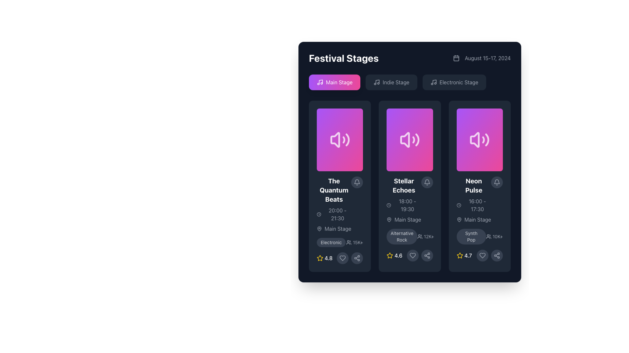 This screenshot has width=629, height=353. I want to click on the audience icon next to the 'Synth Pop' label, which is styled in white on a gray background and located at the bottom center of the 'Neon Pulse' section in the third card of the 'Festival Stages' list, so click(480, 237).